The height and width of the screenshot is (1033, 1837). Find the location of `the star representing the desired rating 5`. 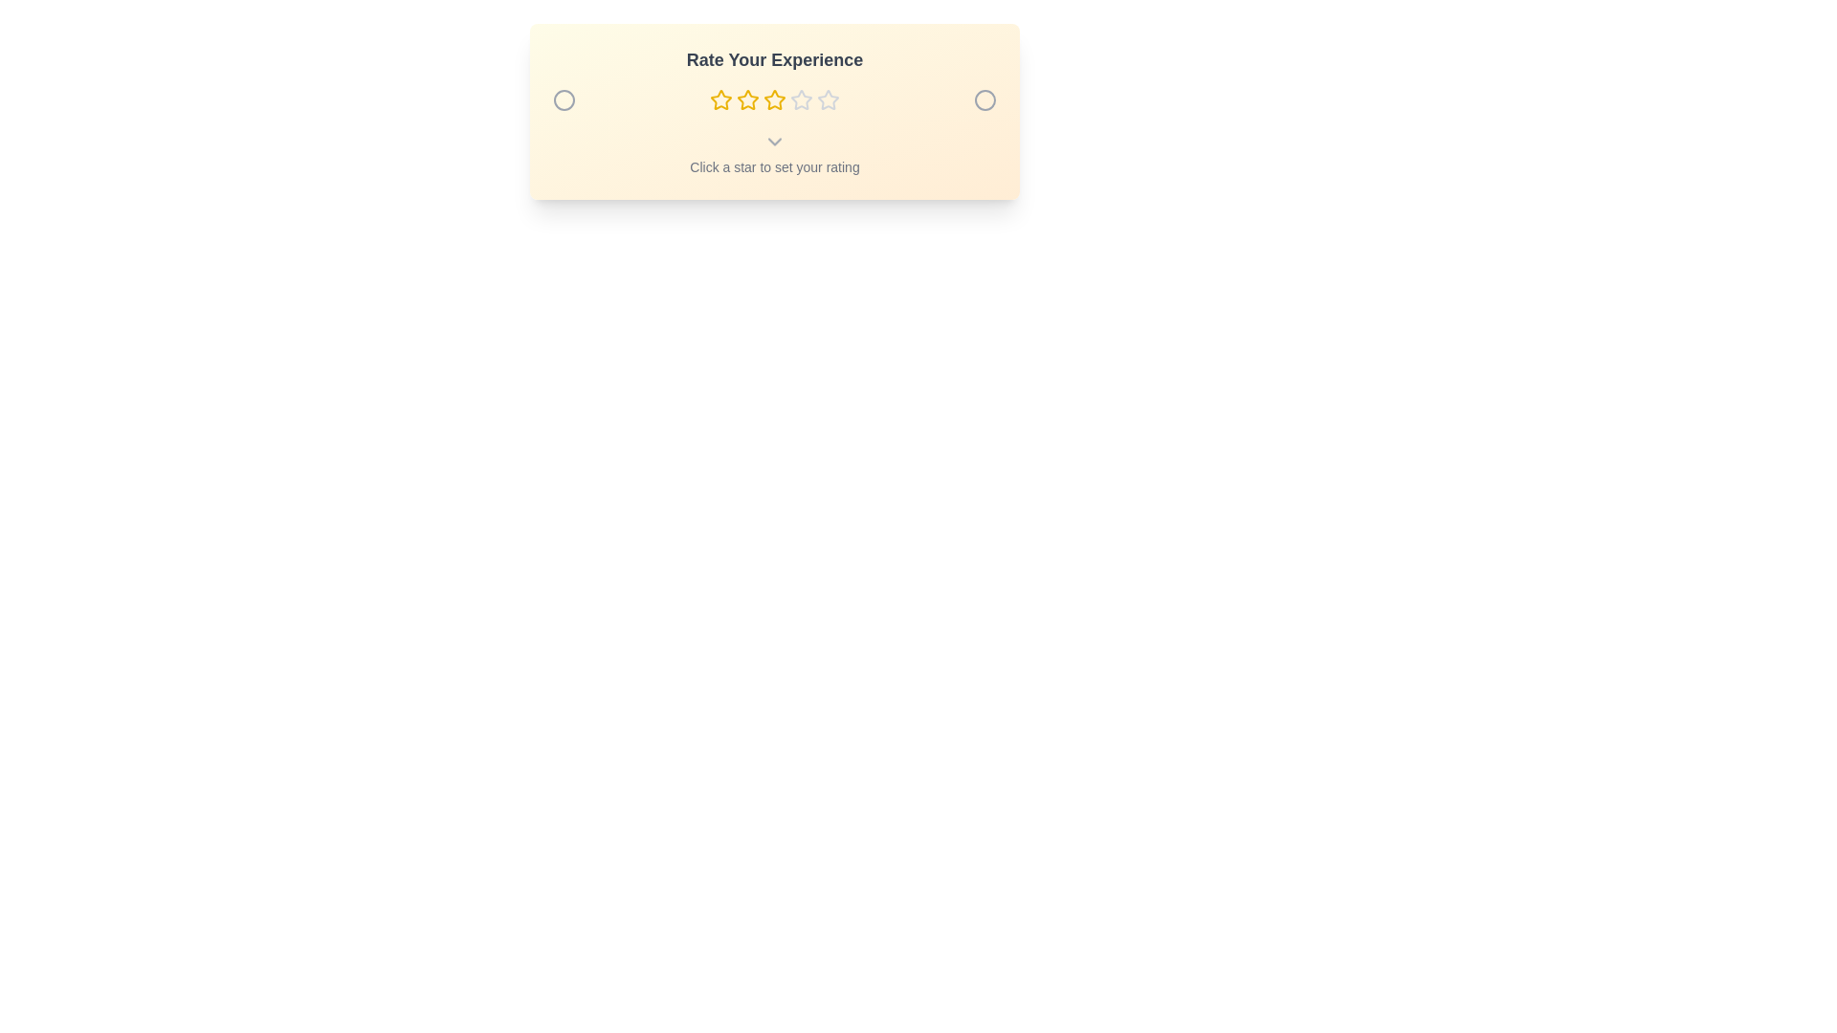

the star representing the desired rating 5 is located at coordinates (828, 99).